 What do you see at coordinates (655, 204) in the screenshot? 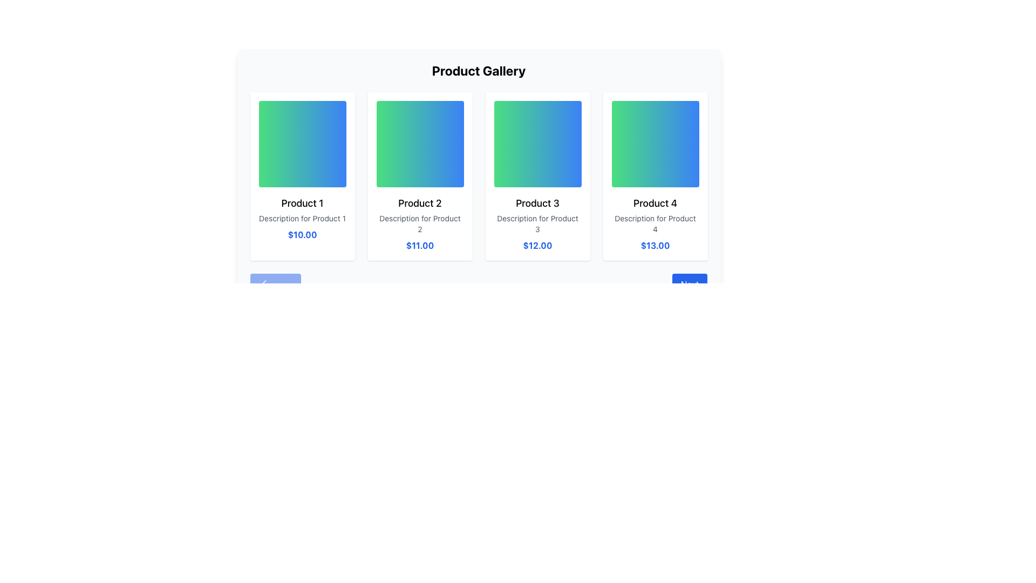
I see `the text label serving as the title for 'Product 4', which is located within the fourth product card, positioned below the associated gradient image and above its description and price` at bounding box center [655, 204].